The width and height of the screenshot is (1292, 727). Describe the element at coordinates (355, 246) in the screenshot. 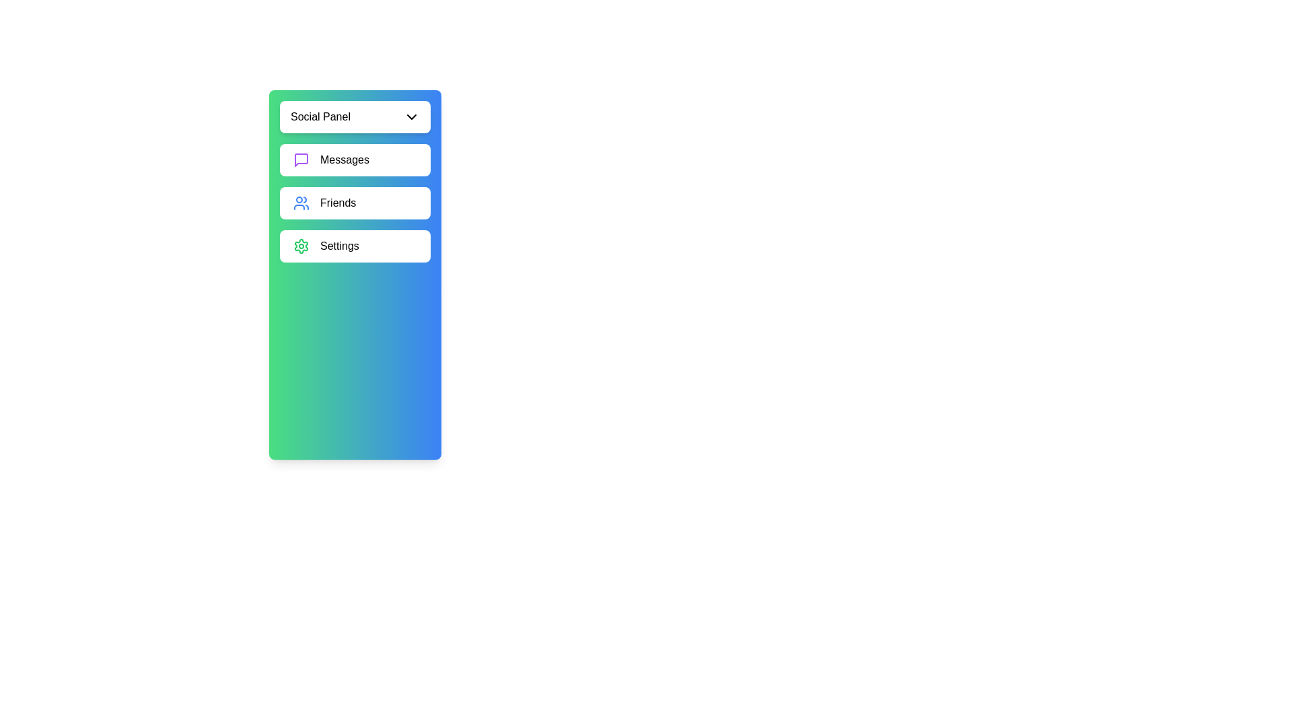

I see `the 'Settings' item in the sidebar` at that location.